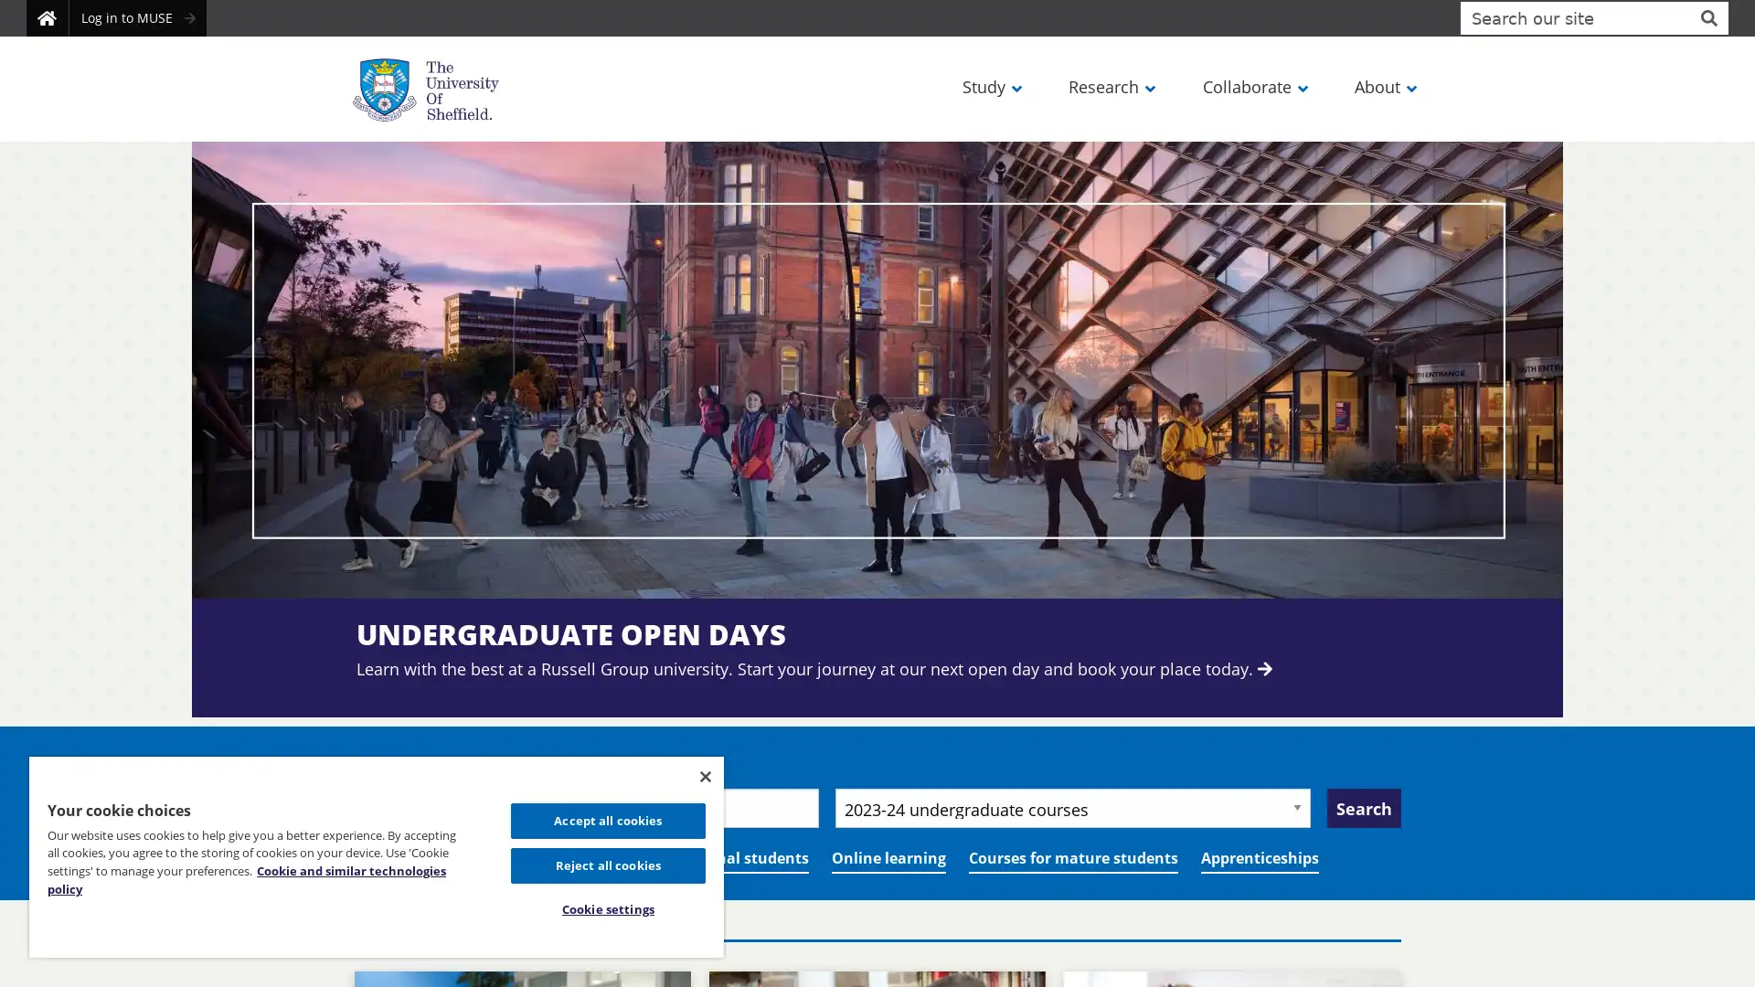 Image resolution: width=1755 pixels, height=987 pixels. I want to click on Search, so click(1364, 806).